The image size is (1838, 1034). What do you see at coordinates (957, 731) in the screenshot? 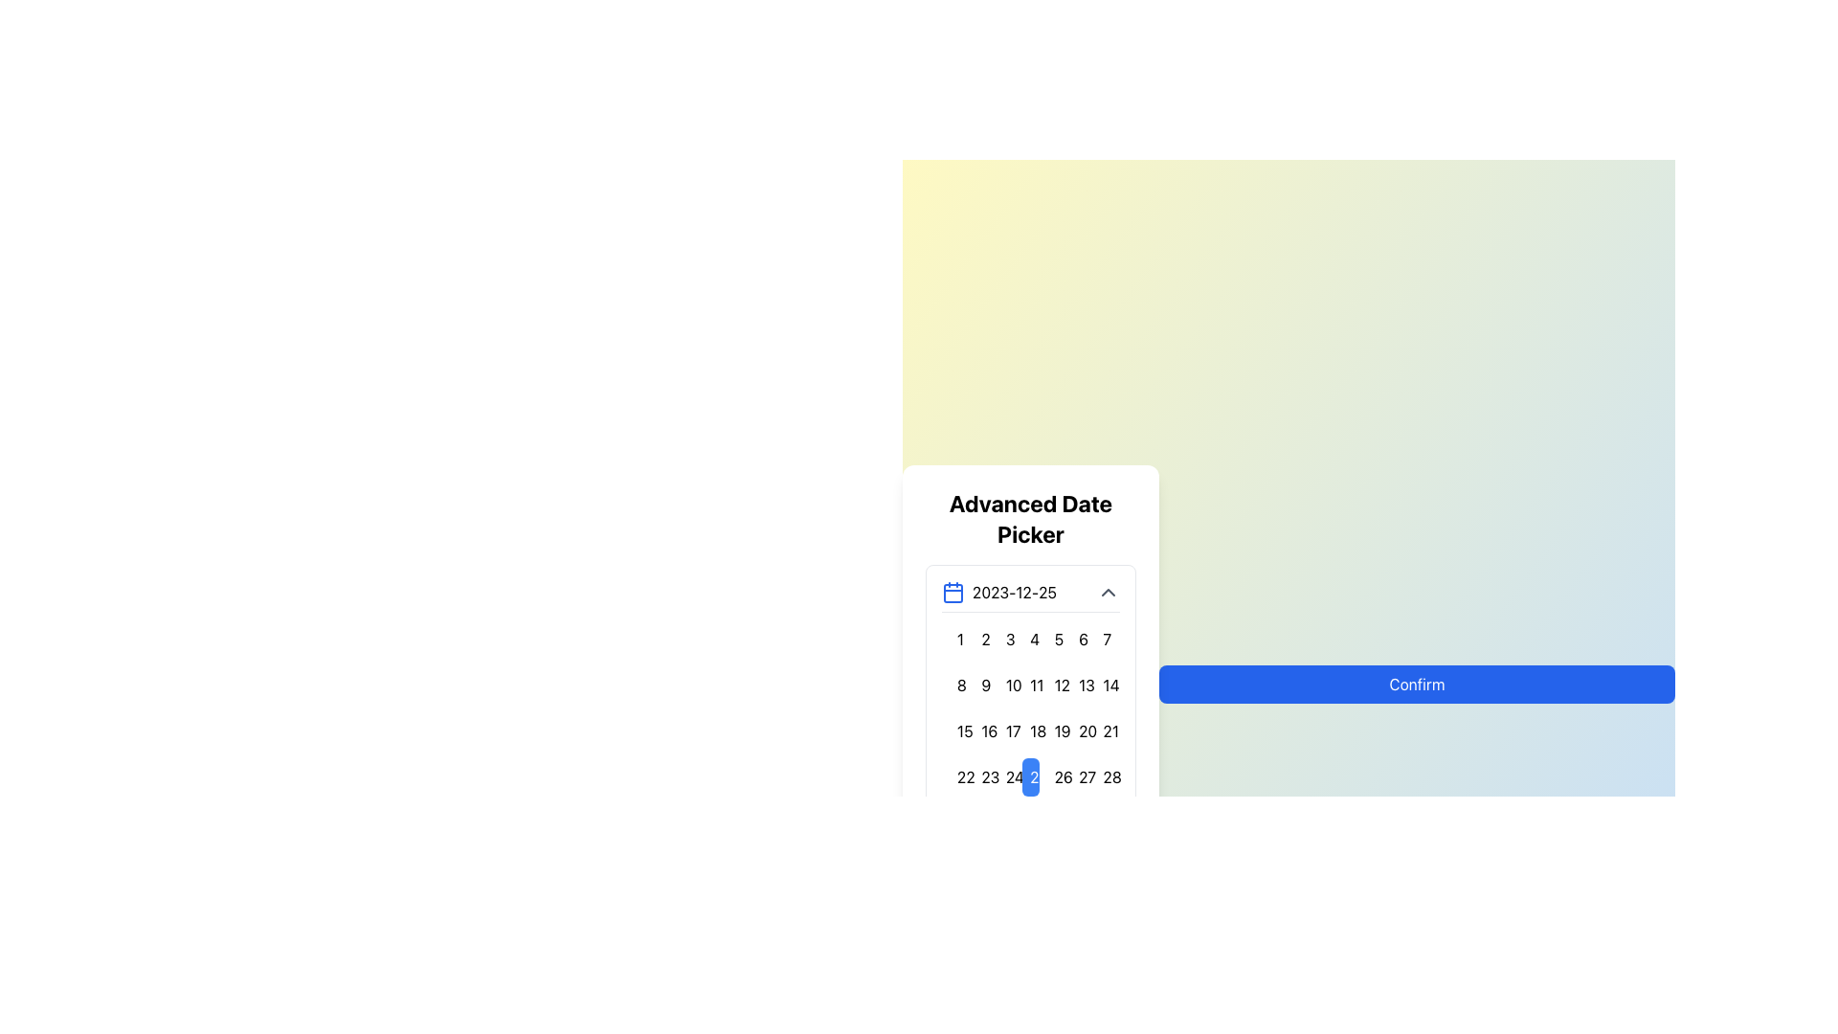
I see `the button that allows the user to select the 15th day in the calendar interface to trigger visual feedback` at bounding box center [957, 731].